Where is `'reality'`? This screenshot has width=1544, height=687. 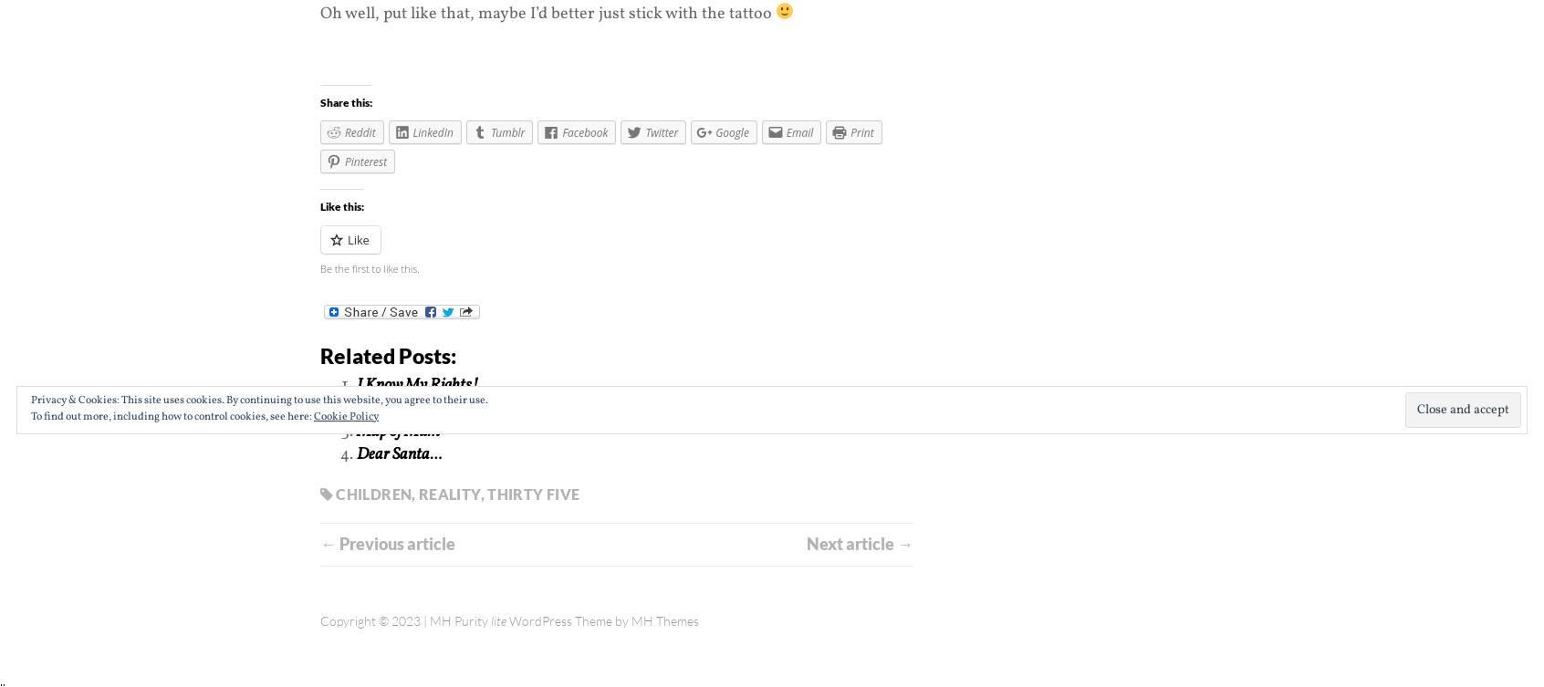 'reality' is located at coordinates (448, 494).